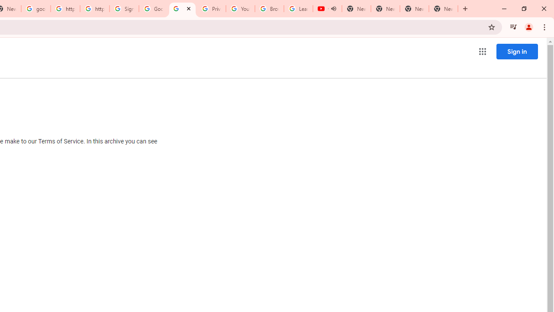  What do you see at coordinates (269, 9) in the screenshot?
I see `'Browse Chrome as a guest - Computer - Google Chrome Help'` at bounding box center [269, 9].